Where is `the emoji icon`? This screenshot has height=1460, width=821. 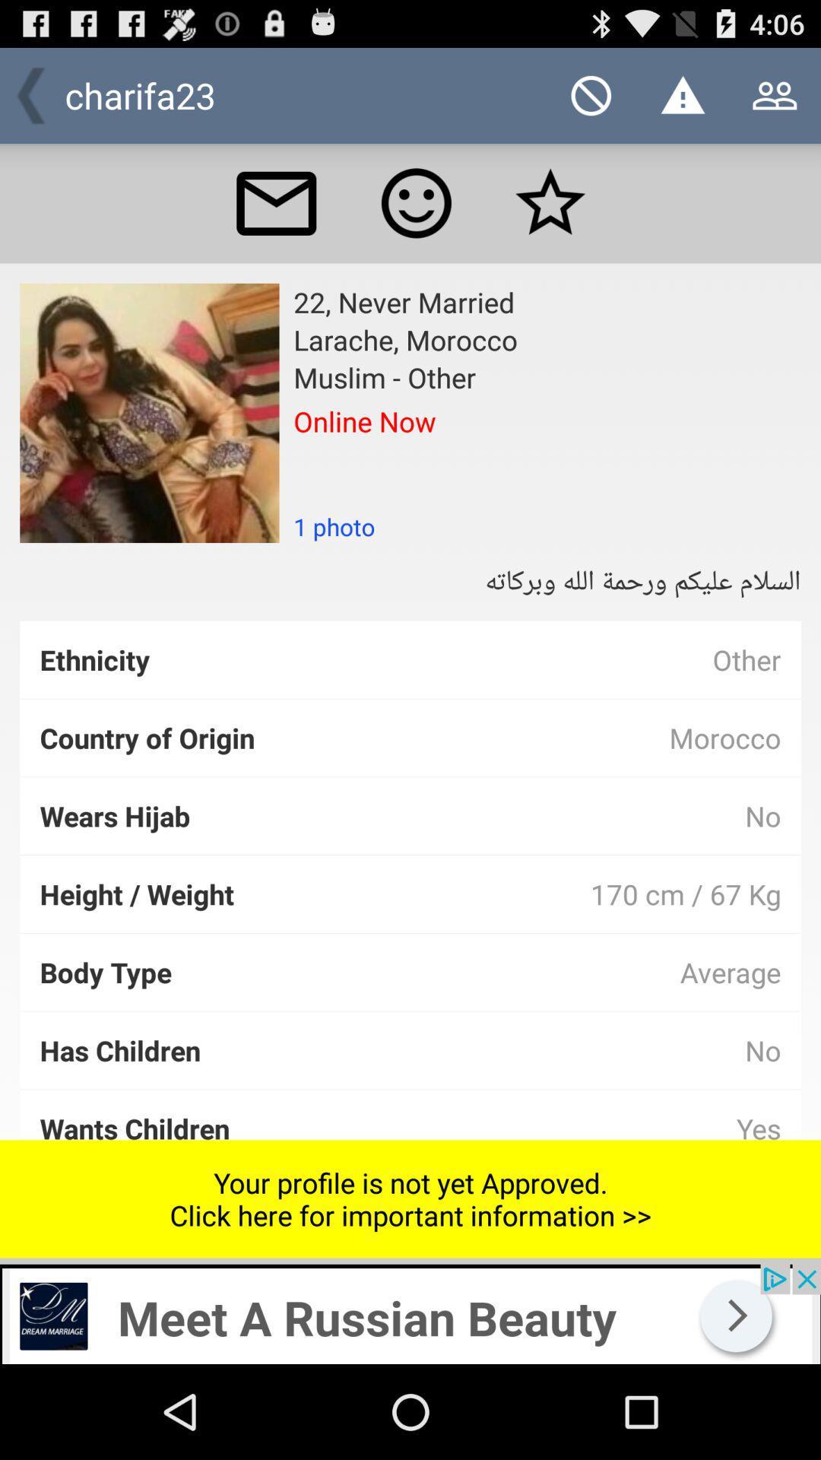
the emoji icon is located at coordinates (416, 217).